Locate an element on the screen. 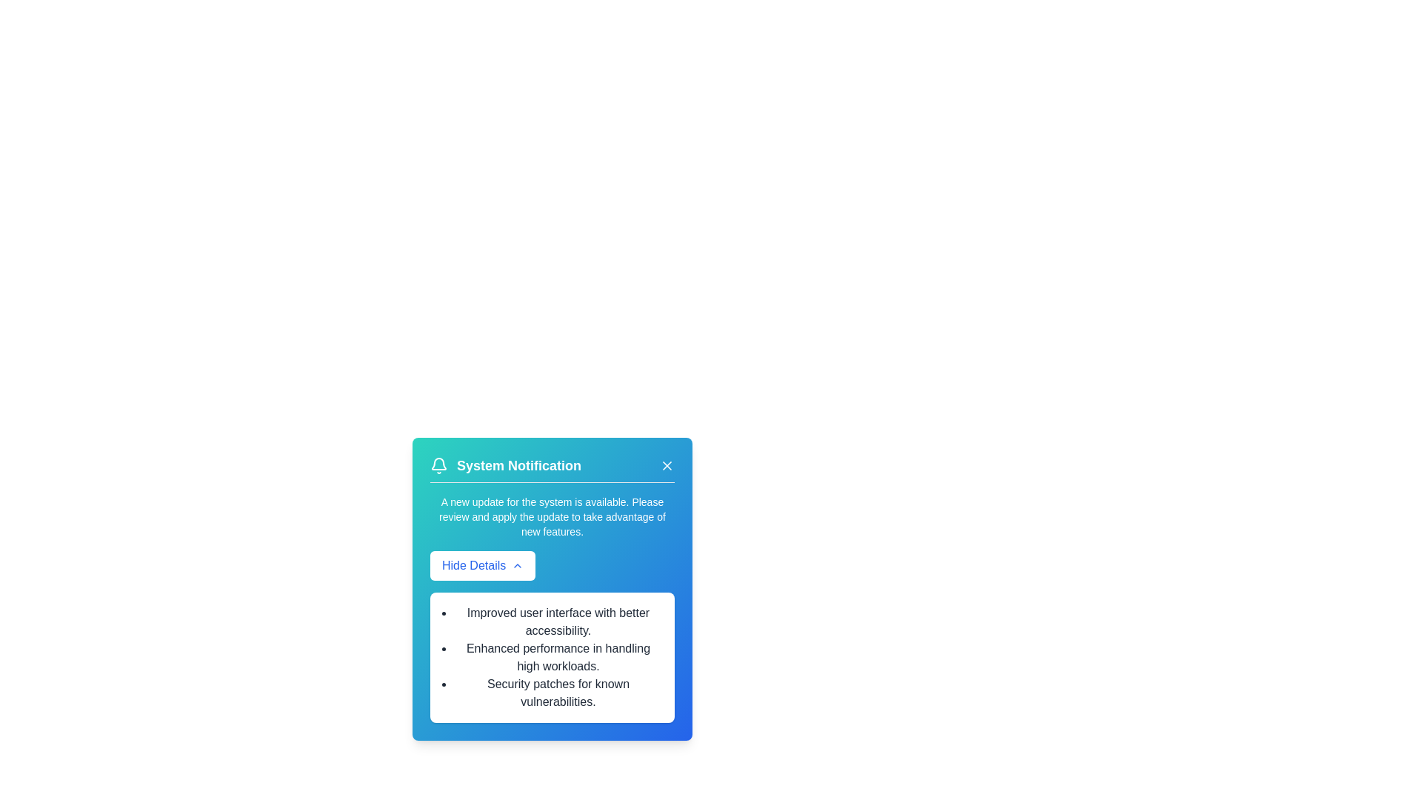 This screenshot has width=1422, height=800. the close button of the notification card is located at coordinates (667, 464).